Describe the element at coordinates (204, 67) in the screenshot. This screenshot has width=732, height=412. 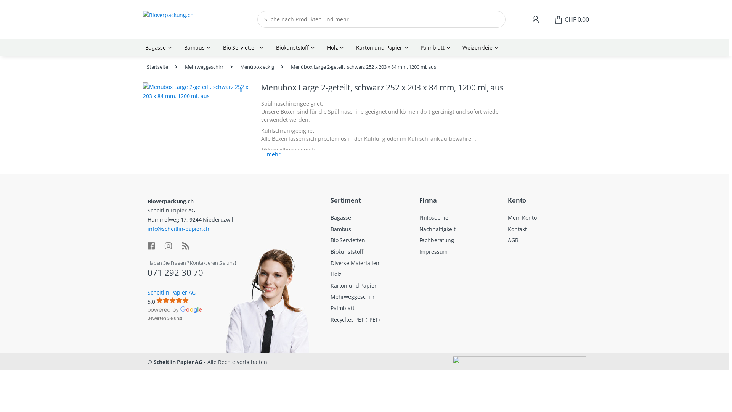
I see `'Mehrweggeschirr'` at that location.